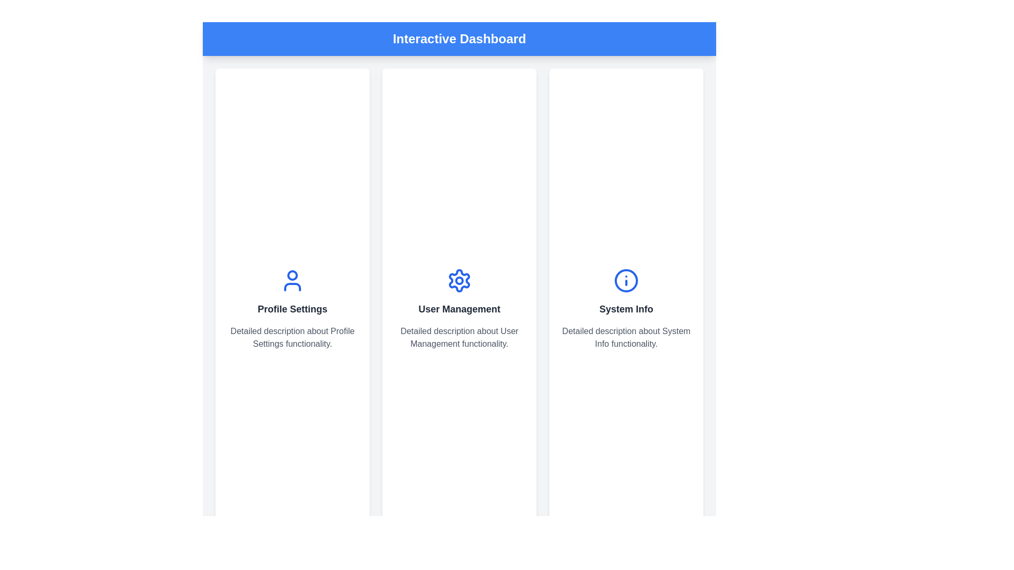  I want to click on the Header Bar, which is a solid blue banner at the top of the application displaying bold white text that reads 'Interactive Dashboard', so click(459, 38).